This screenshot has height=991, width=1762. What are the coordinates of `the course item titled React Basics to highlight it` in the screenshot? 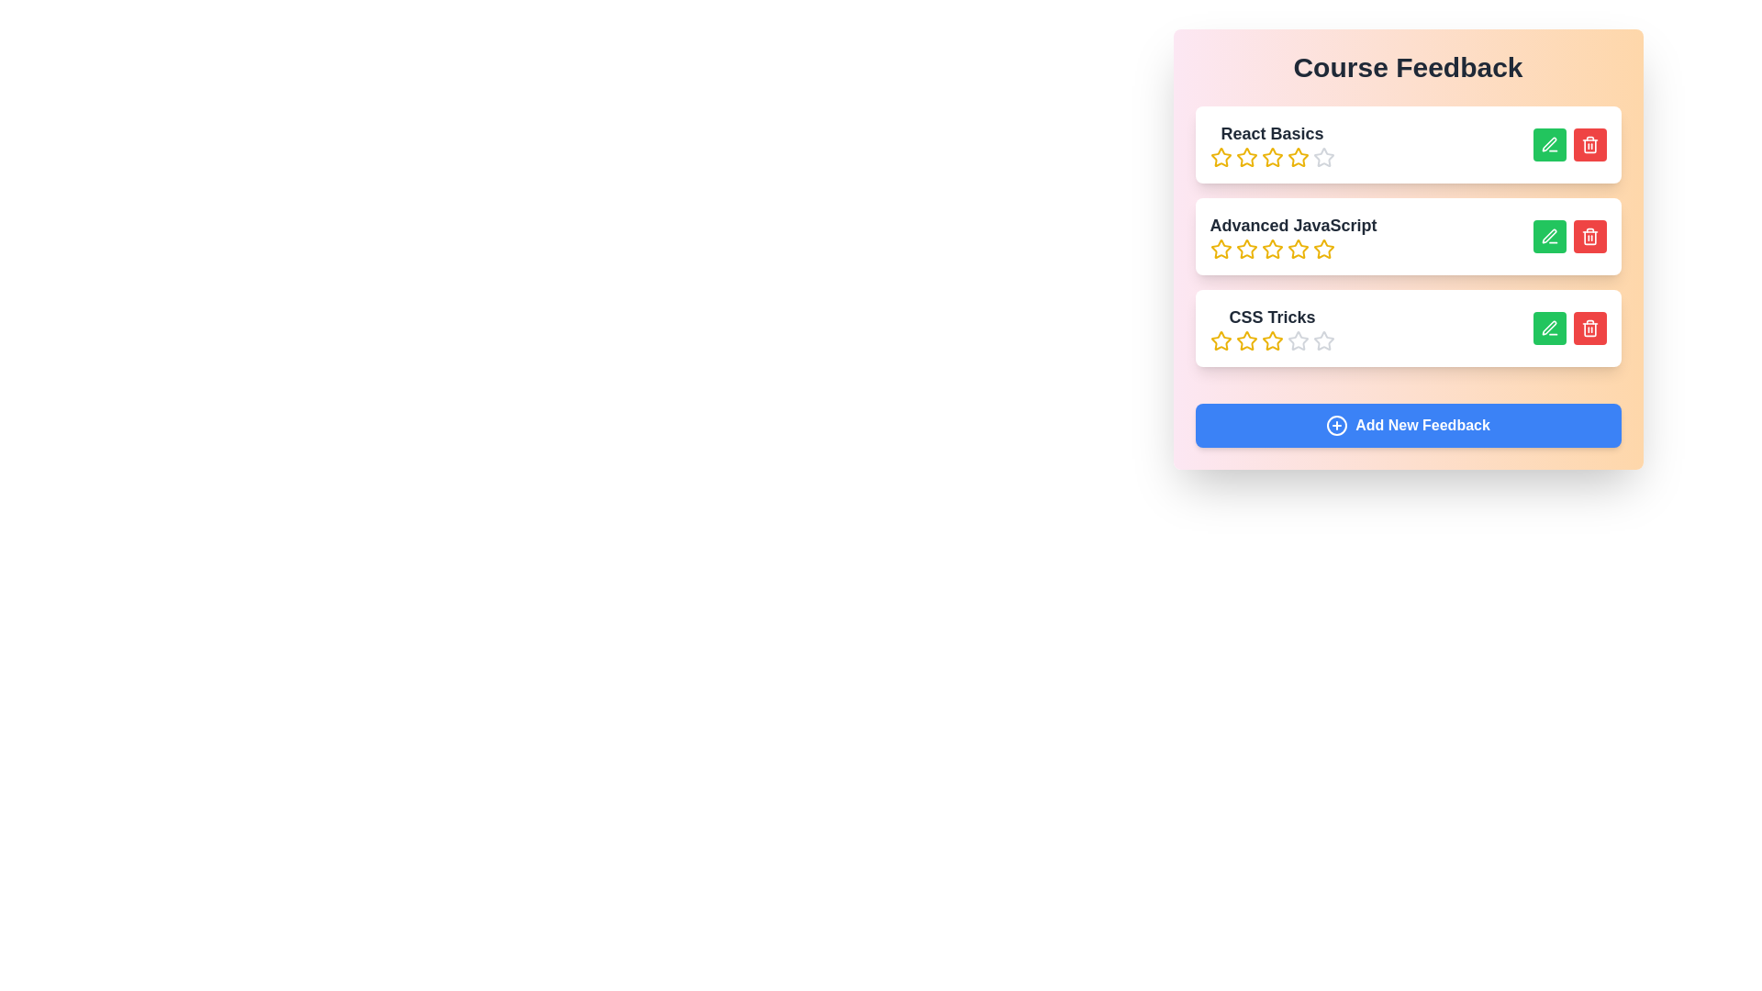 It's located at (1407, 144).